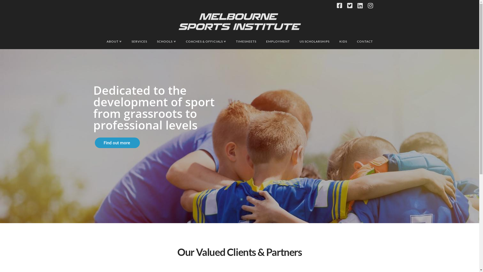  What do you see at coordinates (343, 41) in the screenshot?
I see `'KIDS'` at bounding box center [343, 41].